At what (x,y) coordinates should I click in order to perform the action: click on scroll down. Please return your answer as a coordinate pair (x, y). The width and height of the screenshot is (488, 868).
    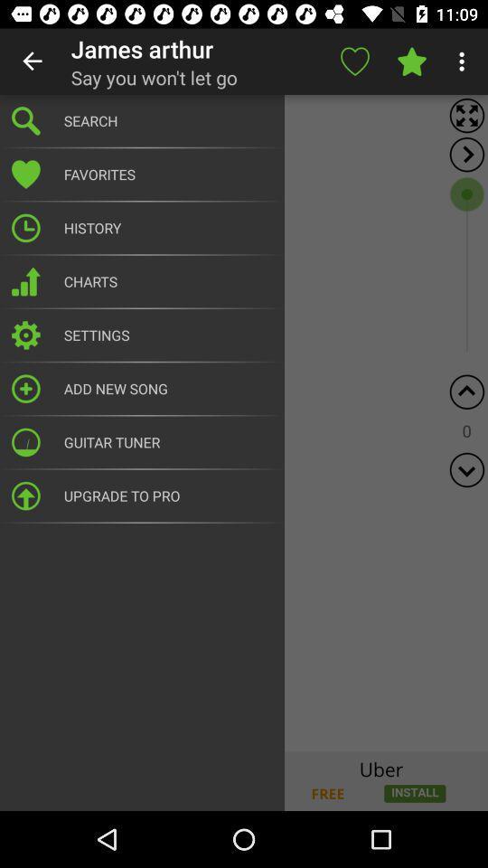
    Looking at the image, I should click on (466, 468).